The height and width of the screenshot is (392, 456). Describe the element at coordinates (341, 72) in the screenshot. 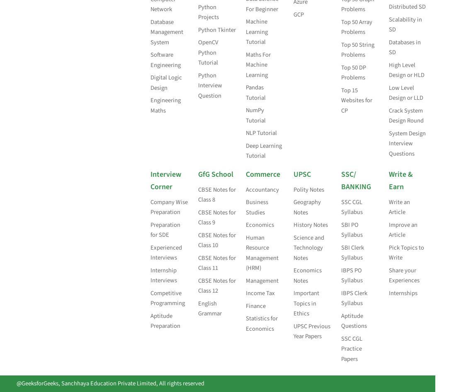

I see `'Top 50 DP Problems'` at that location.